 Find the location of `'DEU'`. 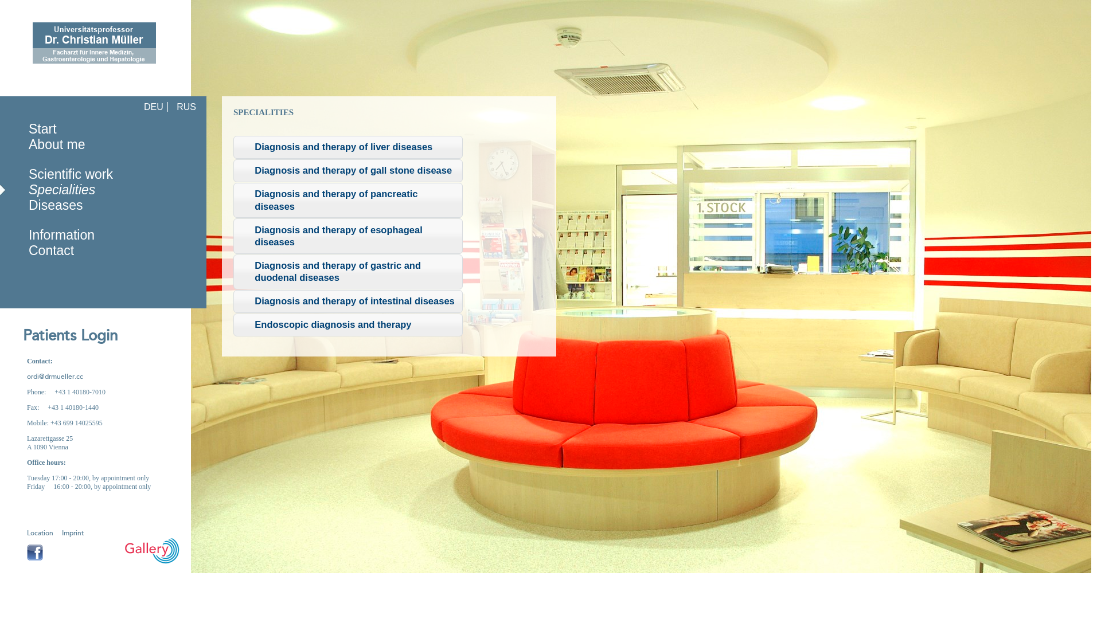

'DEU' is located at coordinates (140, 107).